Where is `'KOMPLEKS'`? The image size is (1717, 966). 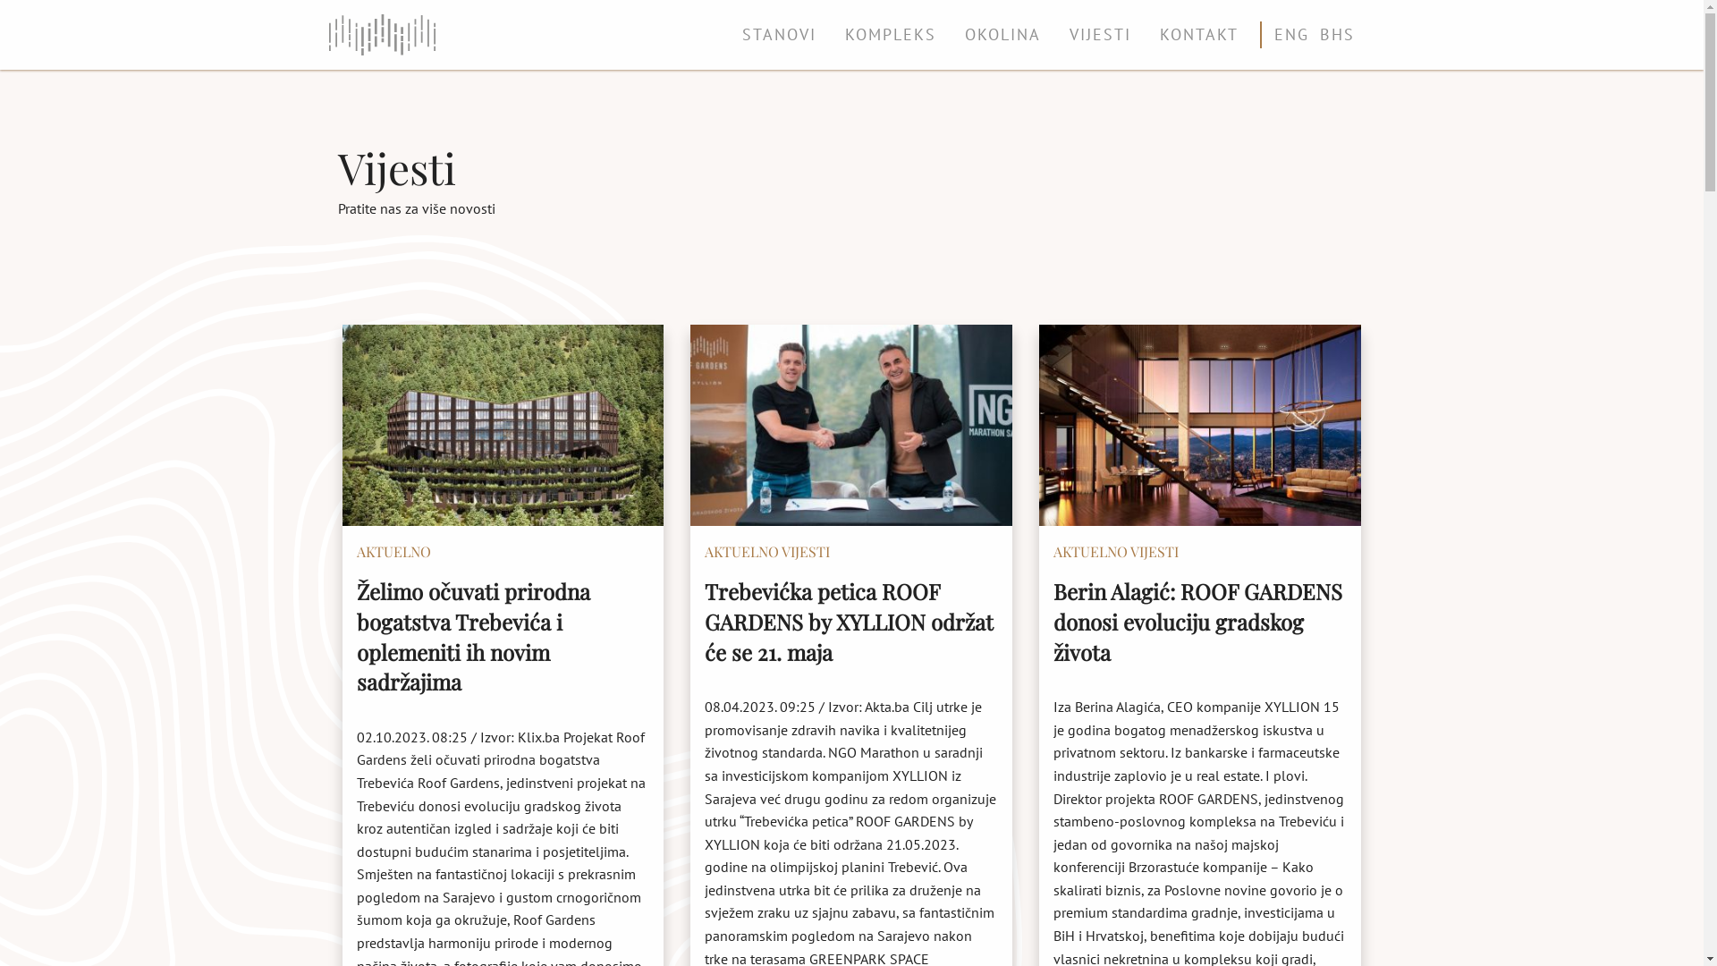
'KOMPLEKS' is located at coordinates (889, 34).